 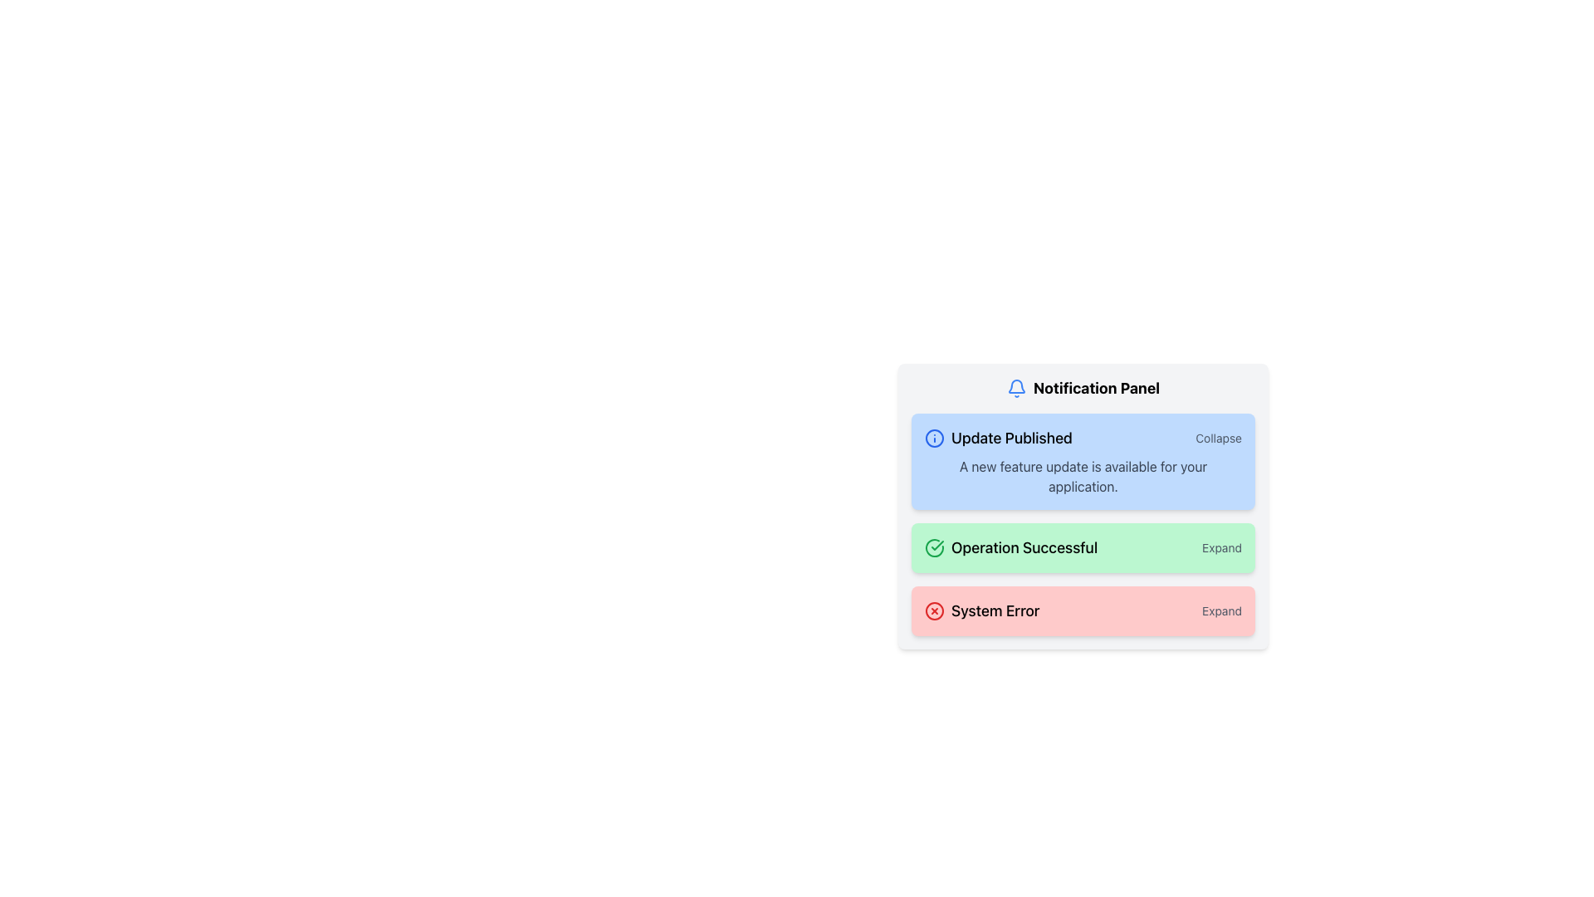 What do you see at coordinates (982, 611) in the screenshot?
I see `the error message titled 'System Error' indicated by a red color scheme and cross icon, located at the bottom of the notification panel` at bounding box center [982, 611].